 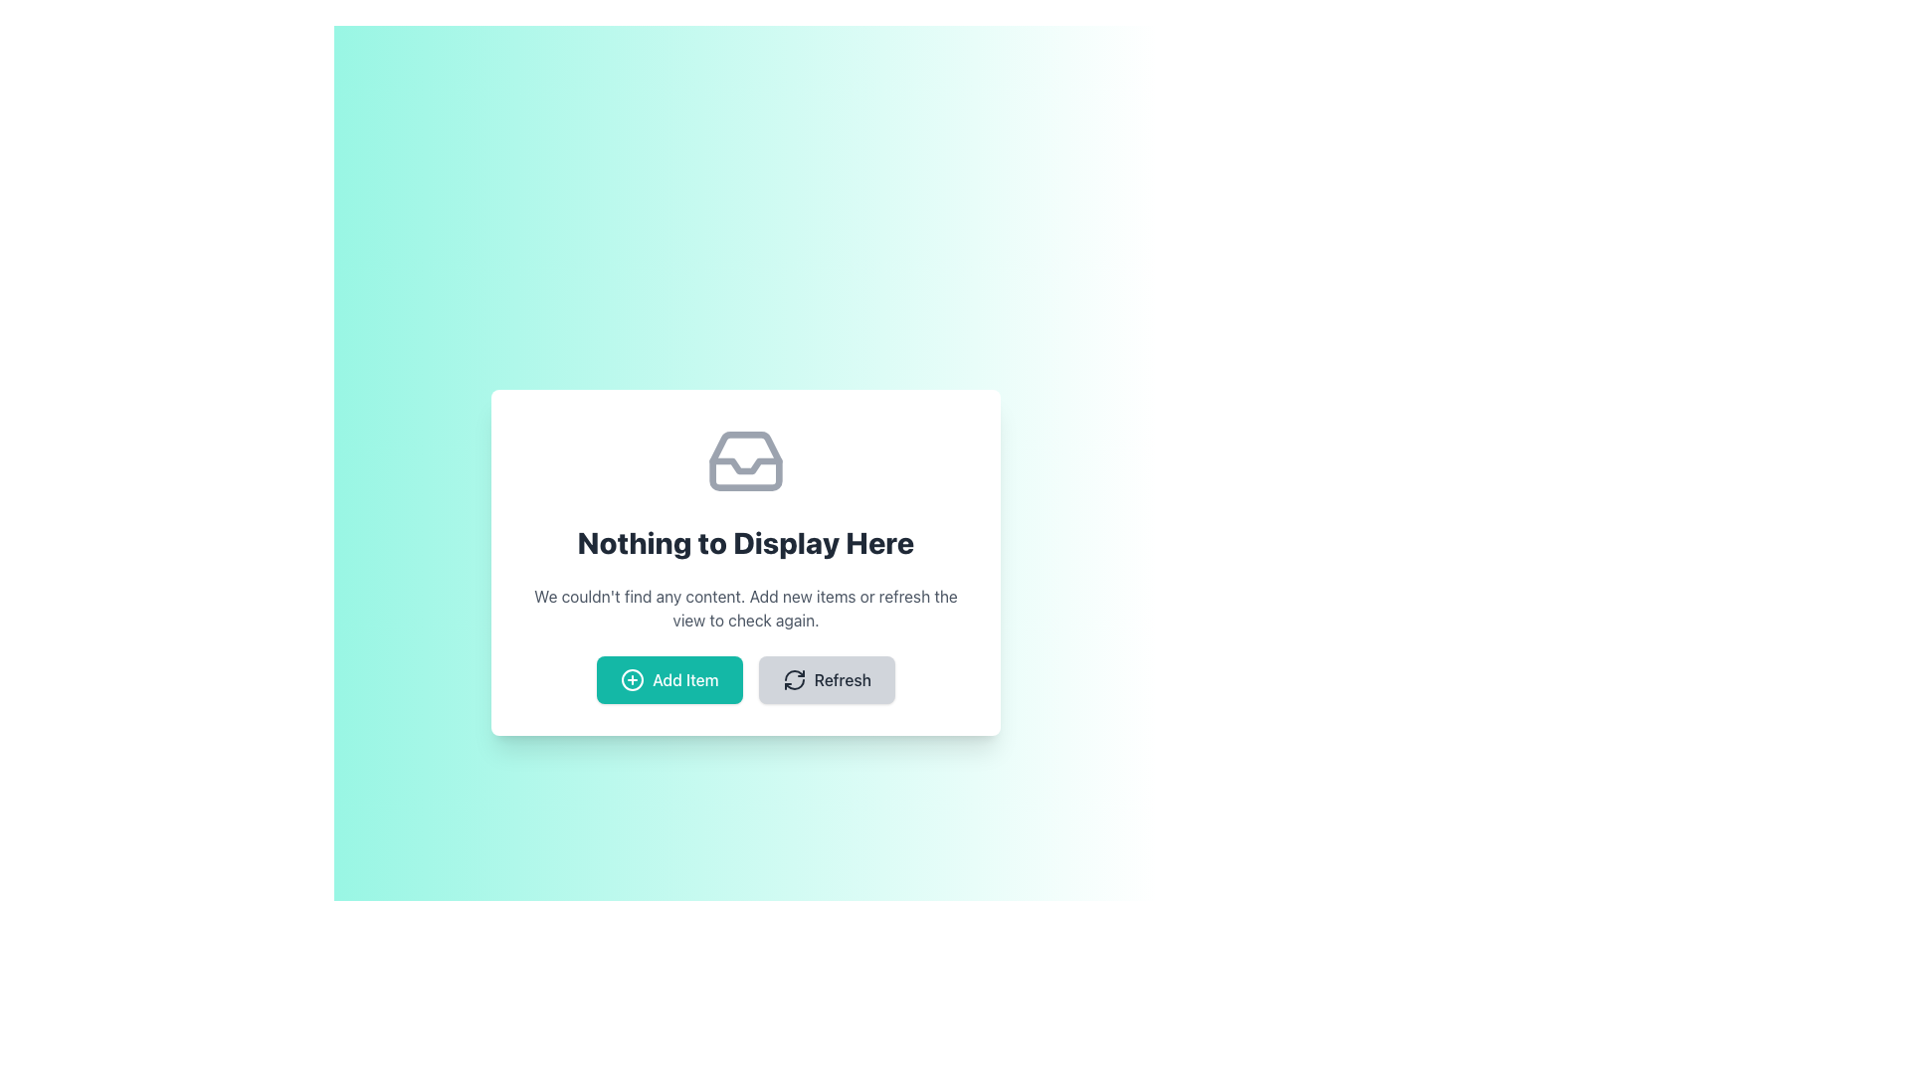 What do you see at coordinates (827, 678) in the screenshot?
I see `the 'Refresh' button with a light gray background and rounded corners` at bounding box center [827, 678].